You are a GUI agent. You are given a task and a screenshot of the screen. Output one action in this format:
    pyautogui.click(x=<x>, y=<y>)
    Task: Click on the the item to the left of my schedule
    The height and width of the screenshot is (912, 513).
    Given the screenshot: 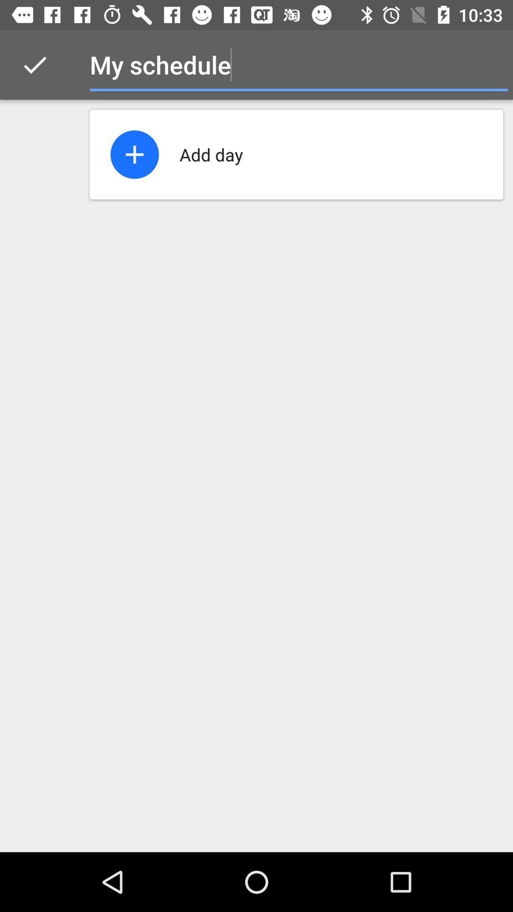 What is the action you would take?
    pyautogui.click(x=34, y=64)
    